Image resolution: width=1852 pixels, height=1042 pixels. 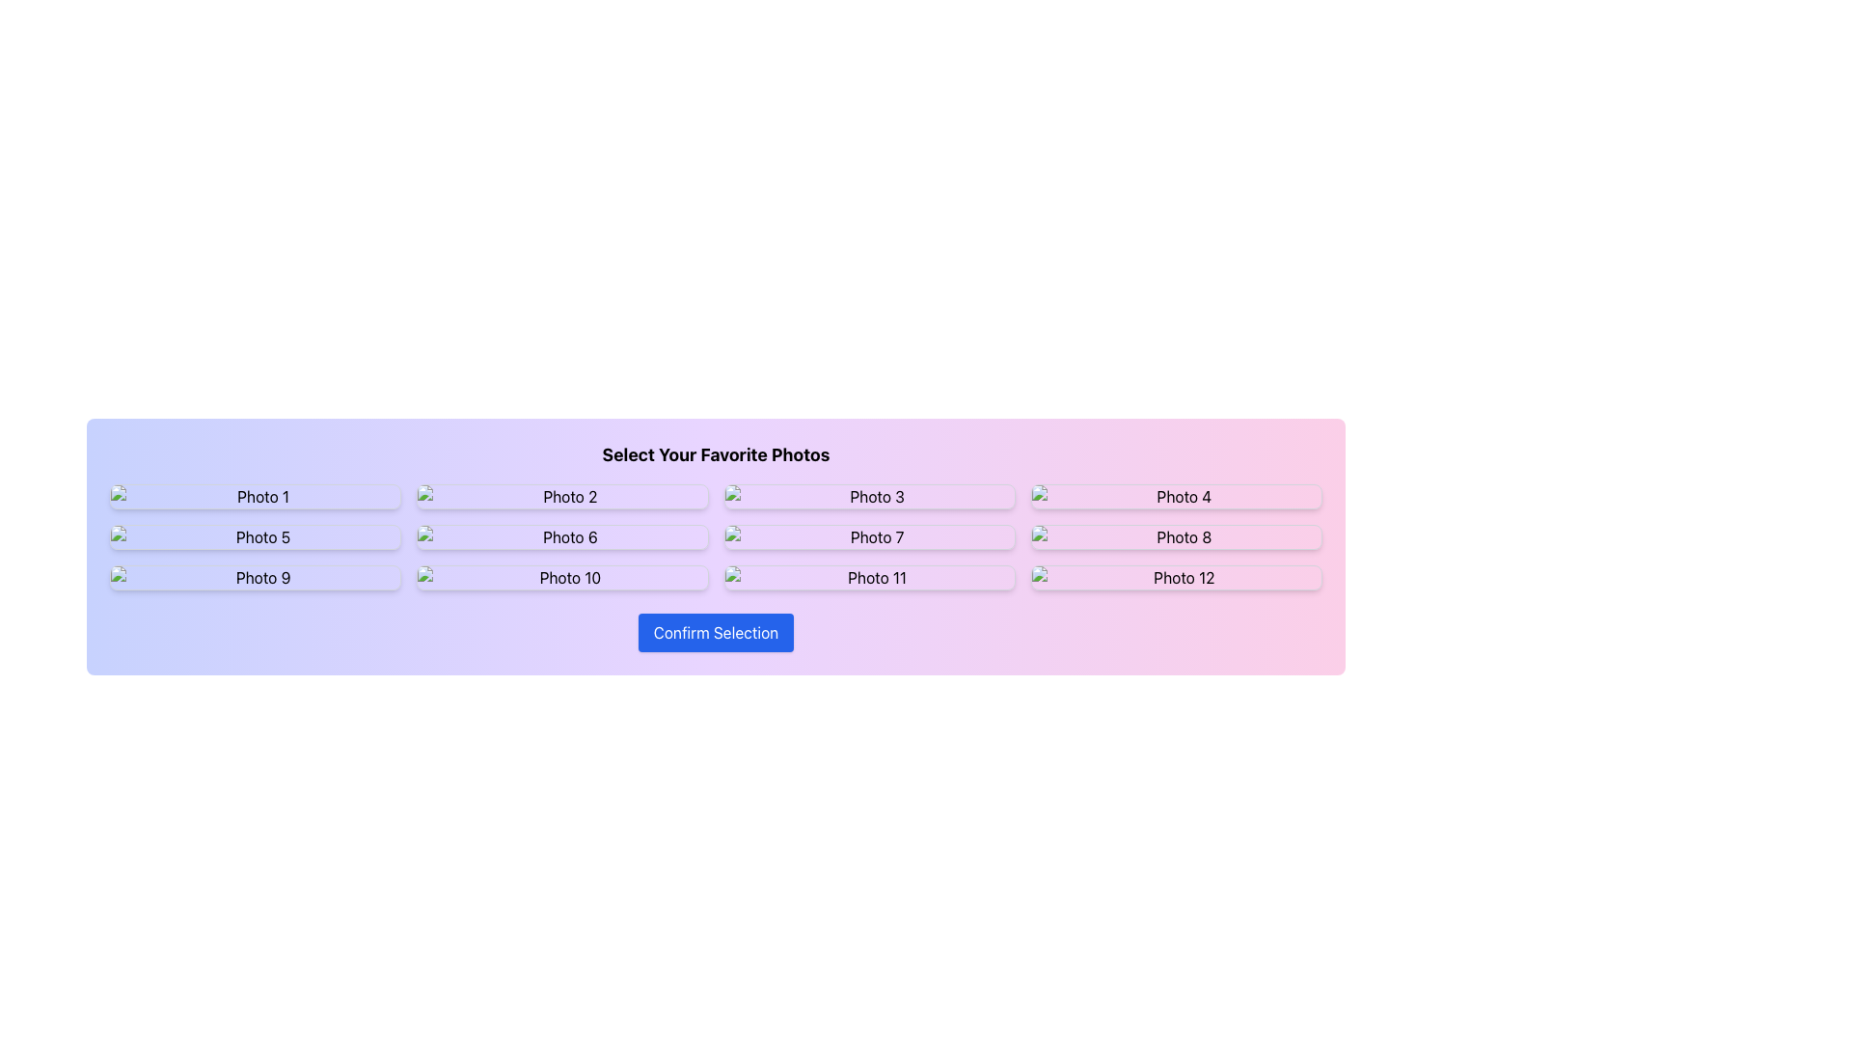 What do you see at coordinates (255, 536) in the screenshot?
I see `the rectangular image labeled 'Photo 5'` at bounding box center [255, 536].